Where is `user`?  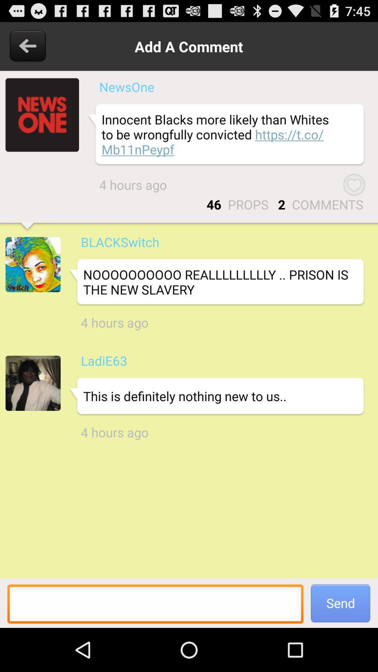
user is located at coordinates (33, 264).